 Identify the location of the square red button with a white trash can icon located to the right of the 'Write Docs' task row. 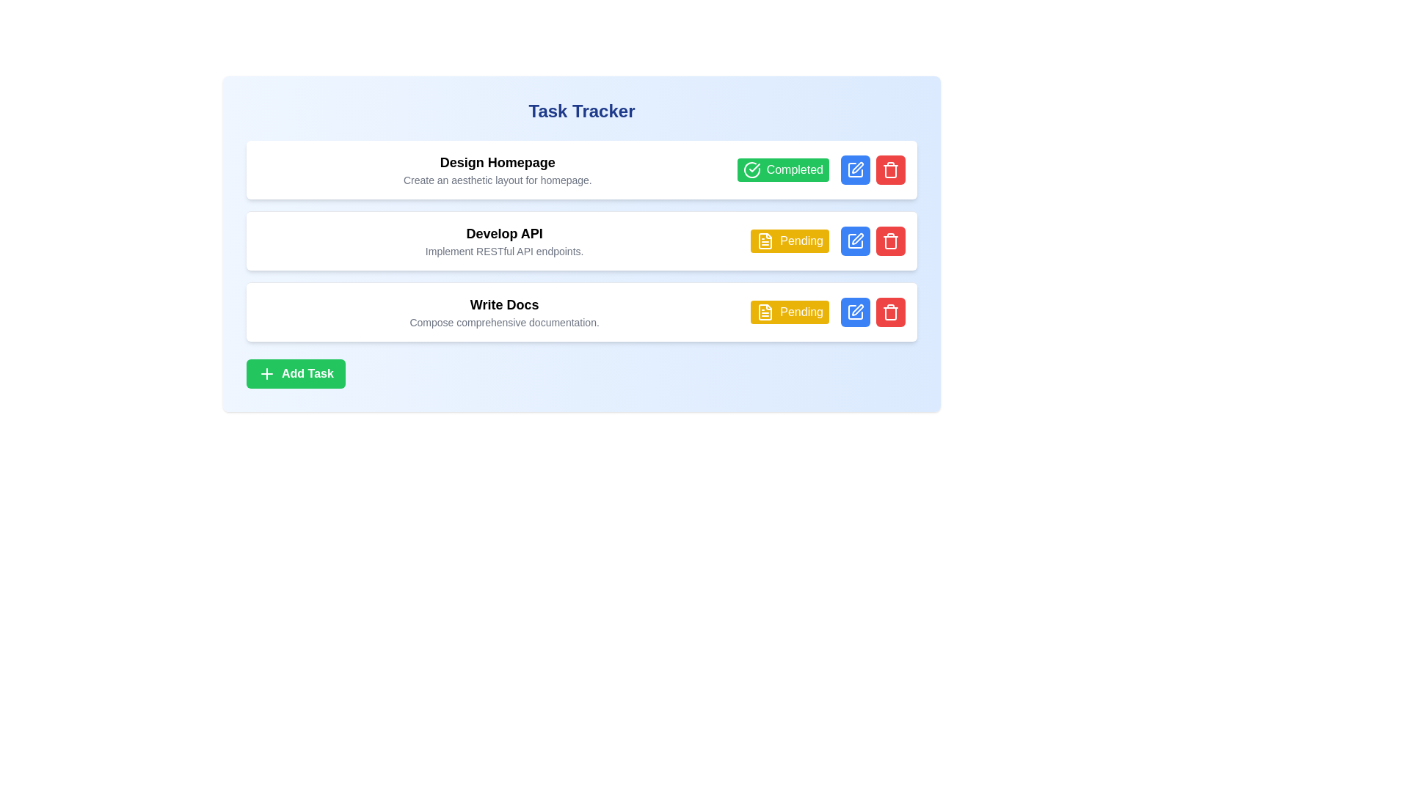
(890, 311).